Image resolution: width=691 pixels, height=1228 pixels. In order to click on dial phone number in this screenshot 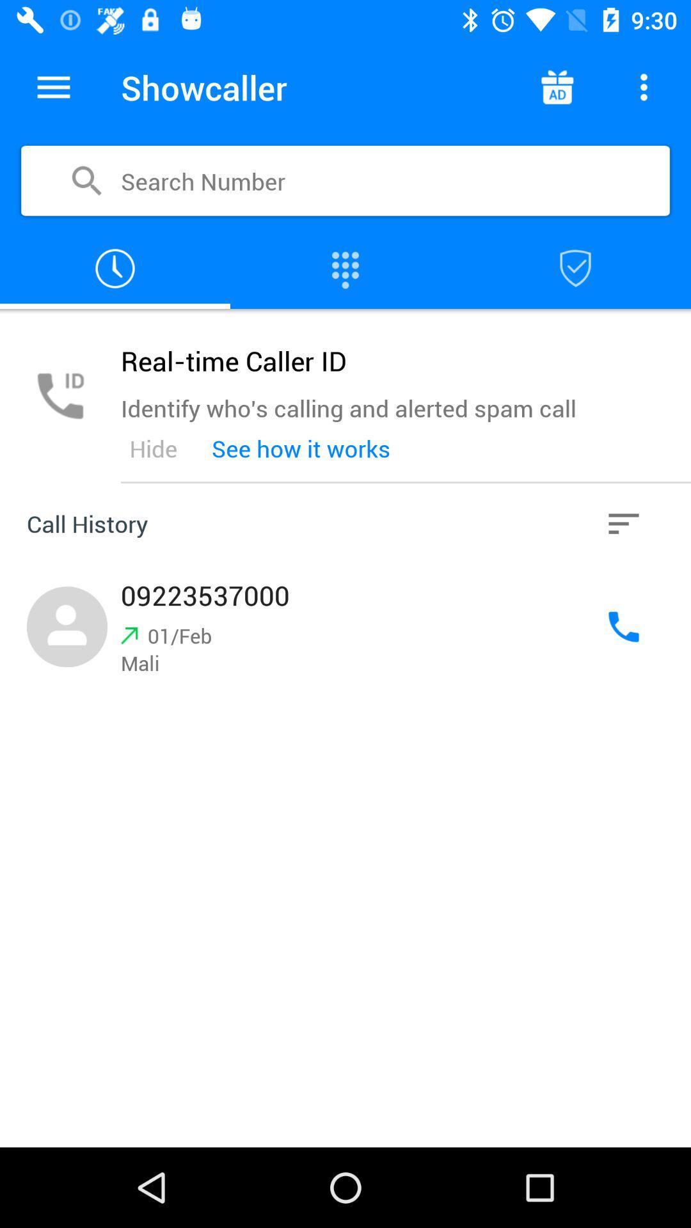, I will do `click(345, 627)`.